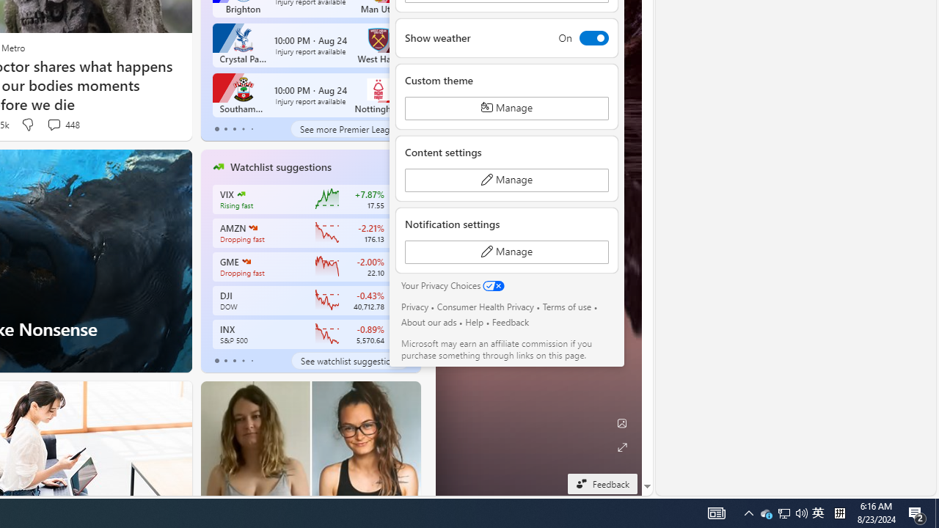  What do you see at coordinates (252, 228) in the screenshot?
I see `'AMAZON.COM, INC.'` at bounding box center [252, 228].